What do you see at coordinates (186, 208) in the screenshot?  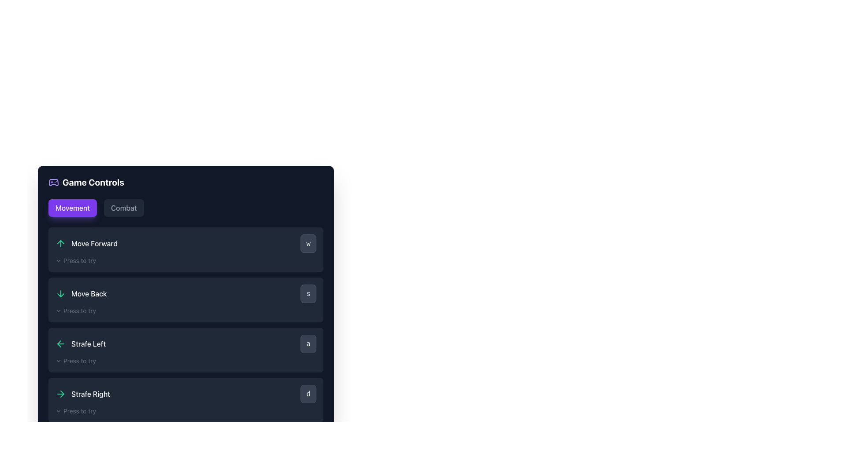 I see `the 'Movement' and 'Combat' tab buttons in the Tab navigation` at bounding box center [186, 208].